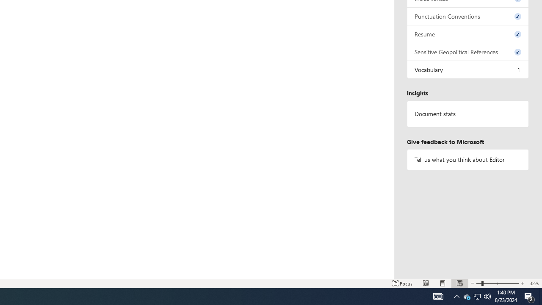 This screenshot has height=305, width=542. Describe the element at coordinates (534, 283) in the screenshot. I see `'Zoom 32%'` at that location.